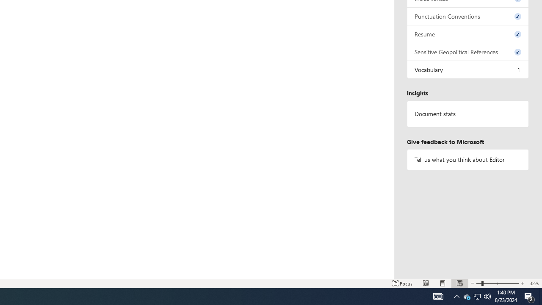 This screenshot has height=305, width=542. Describe the element at coordinates (534, 283) in the screenshot. I see `'Zoom 32%'` at that location.